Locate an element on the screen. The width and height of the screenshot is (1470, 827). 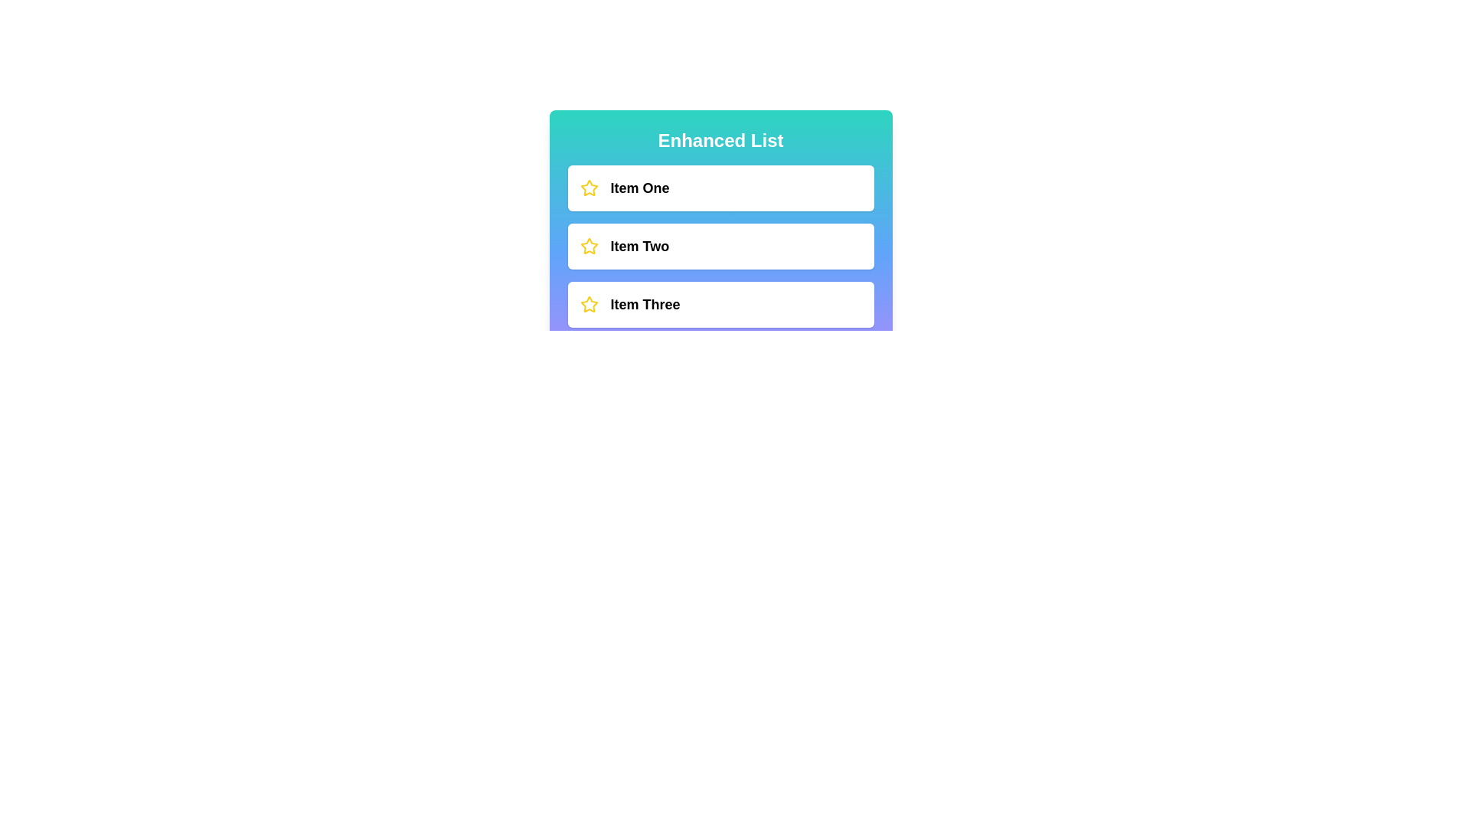
the item Item One to select it is located at coordinates (720, 188).